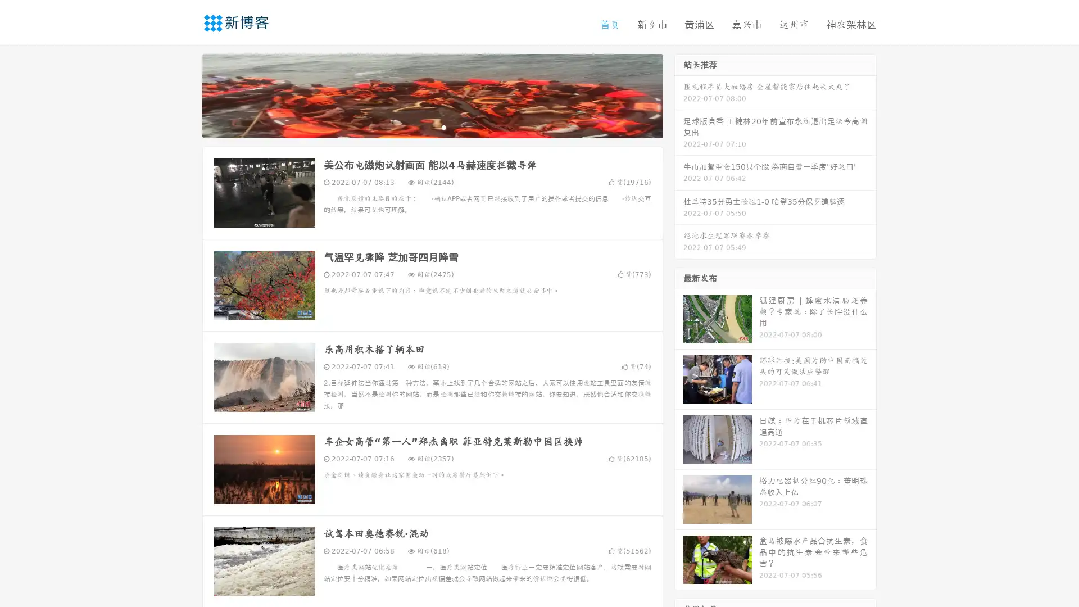 The width and height of the screenshot is (1079, 607). What do you see at coordinates (679, 94) in the screenshot?
I see `Next slide` at bounding box center [679, 94].